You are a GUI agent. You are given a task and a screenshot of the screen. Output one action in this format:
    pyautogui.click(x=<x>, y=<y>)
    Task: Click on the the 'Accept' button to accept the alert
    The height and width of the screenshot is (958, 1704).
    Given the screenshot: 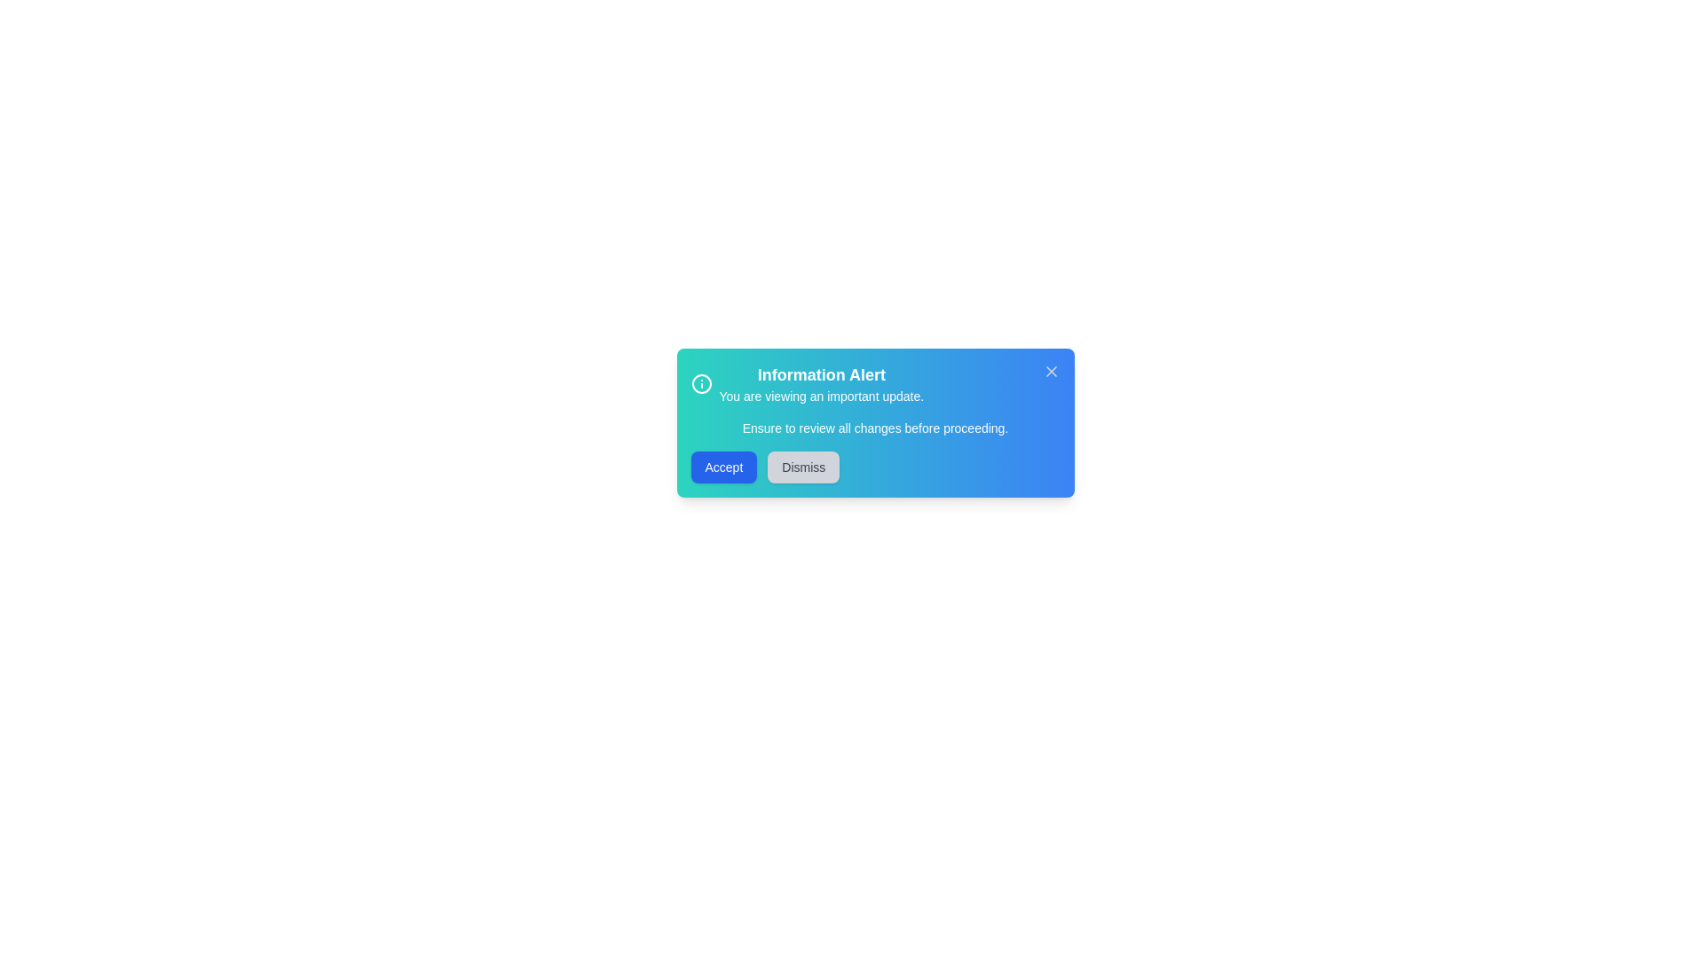 What is the action you would take?
    pyautogui.click(x=724, y=467)
    